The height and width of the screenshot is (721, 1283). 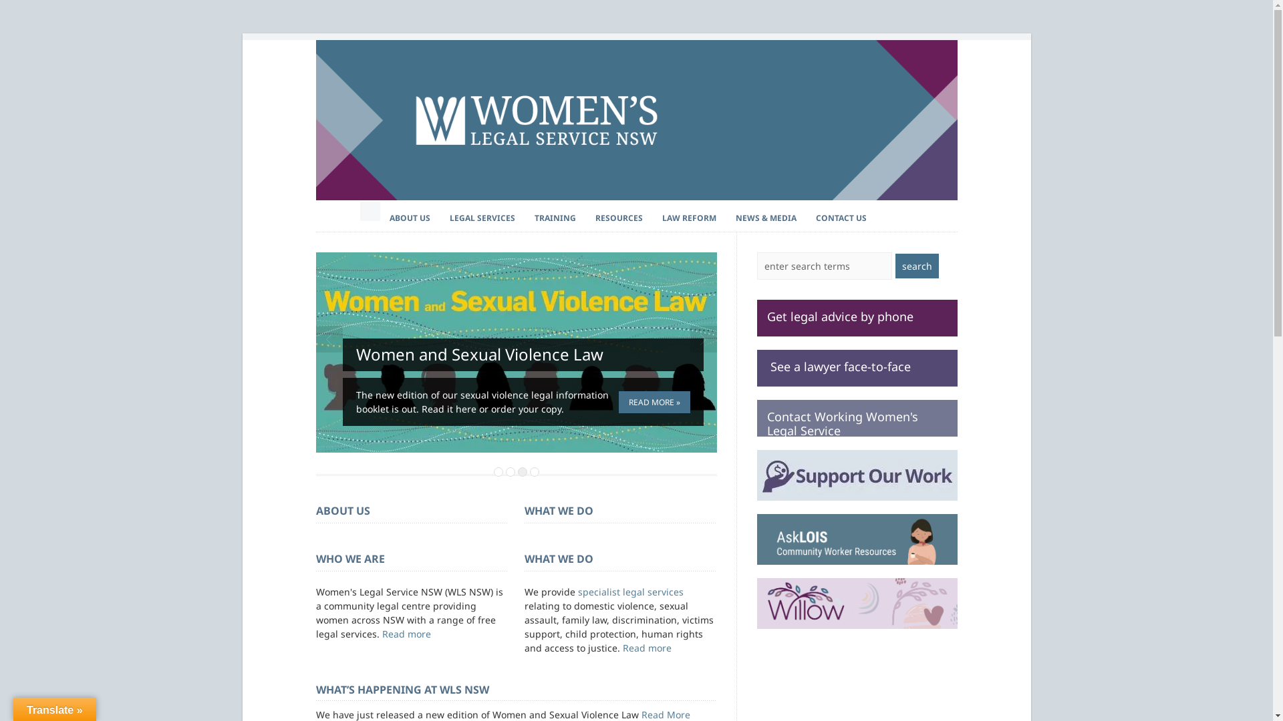 What do you see at coordinates (629, 591) in the screenshot?
I see `'specialist legal services'` at bounding box center [629, 591].